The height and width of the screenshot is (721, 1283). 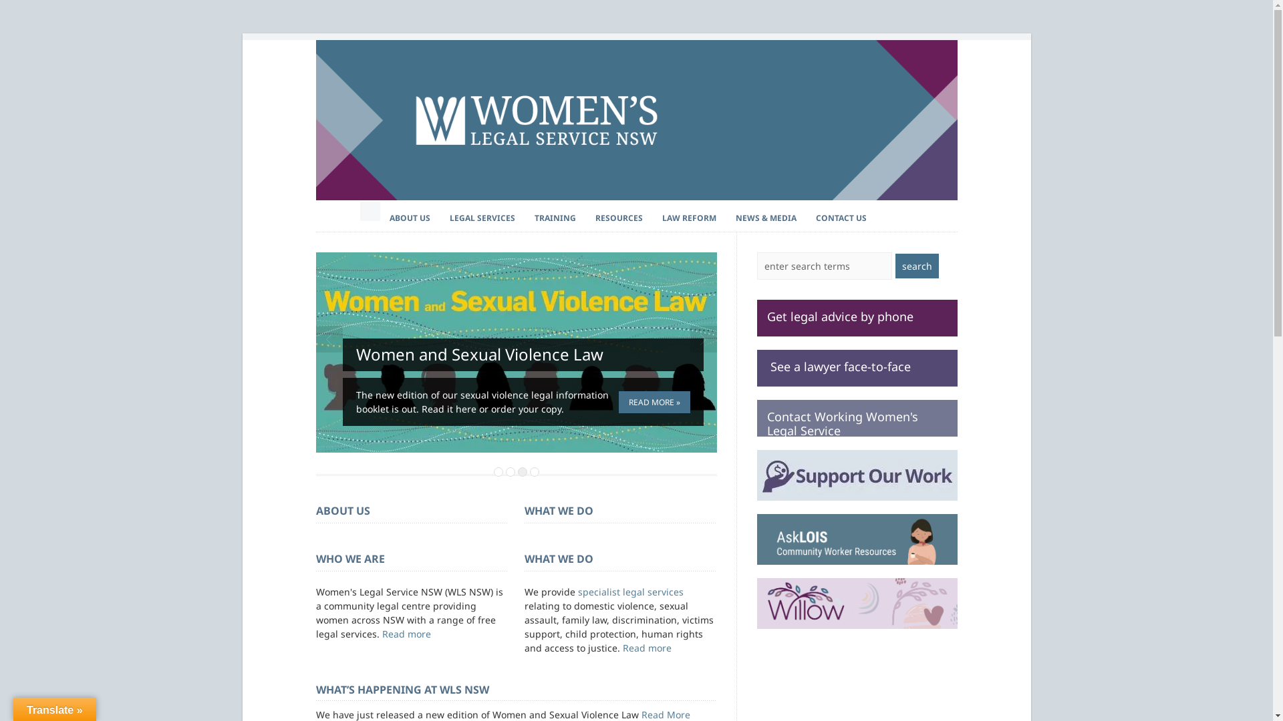 What do you see at coordinates (629, 591) in the screenshot?
I see `'specialist legal services'` at bounding box center [629, 591].